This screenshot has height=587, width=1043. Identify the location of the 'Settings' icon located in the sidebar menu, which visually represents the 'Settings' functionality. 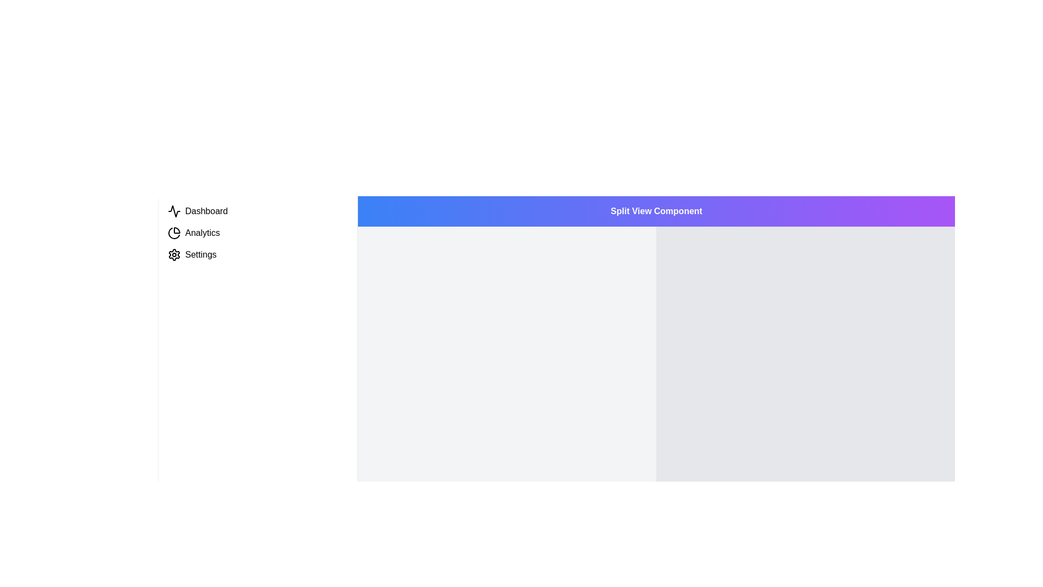
(174, 255).